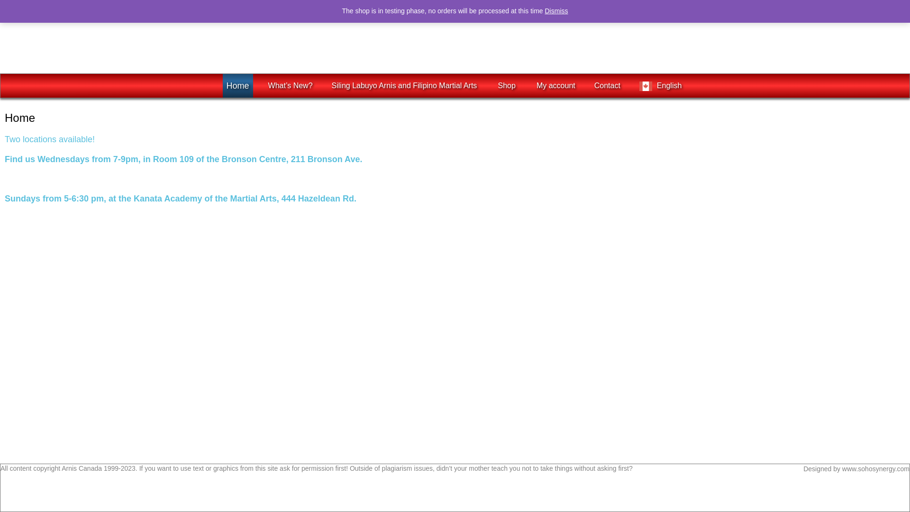 The width and height of the screenshot is (910, 512). I want to click on 'Contact', so click(607, 86).